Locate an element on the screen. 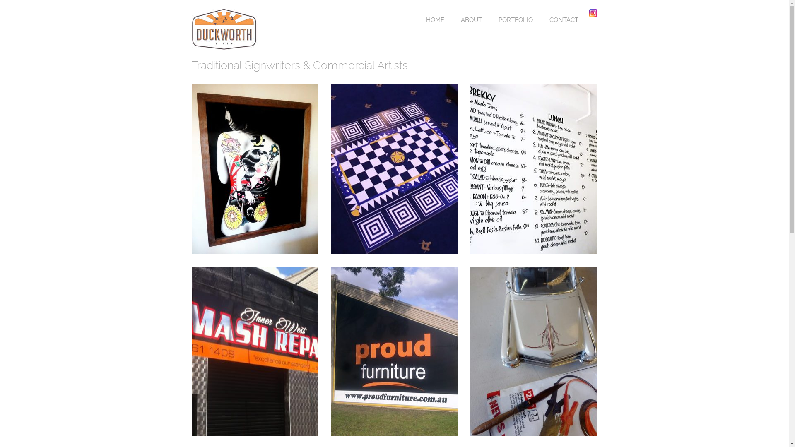 The width and height of the screenshot is (795, 447). 'HOME' is located at coordinates (435, 19).